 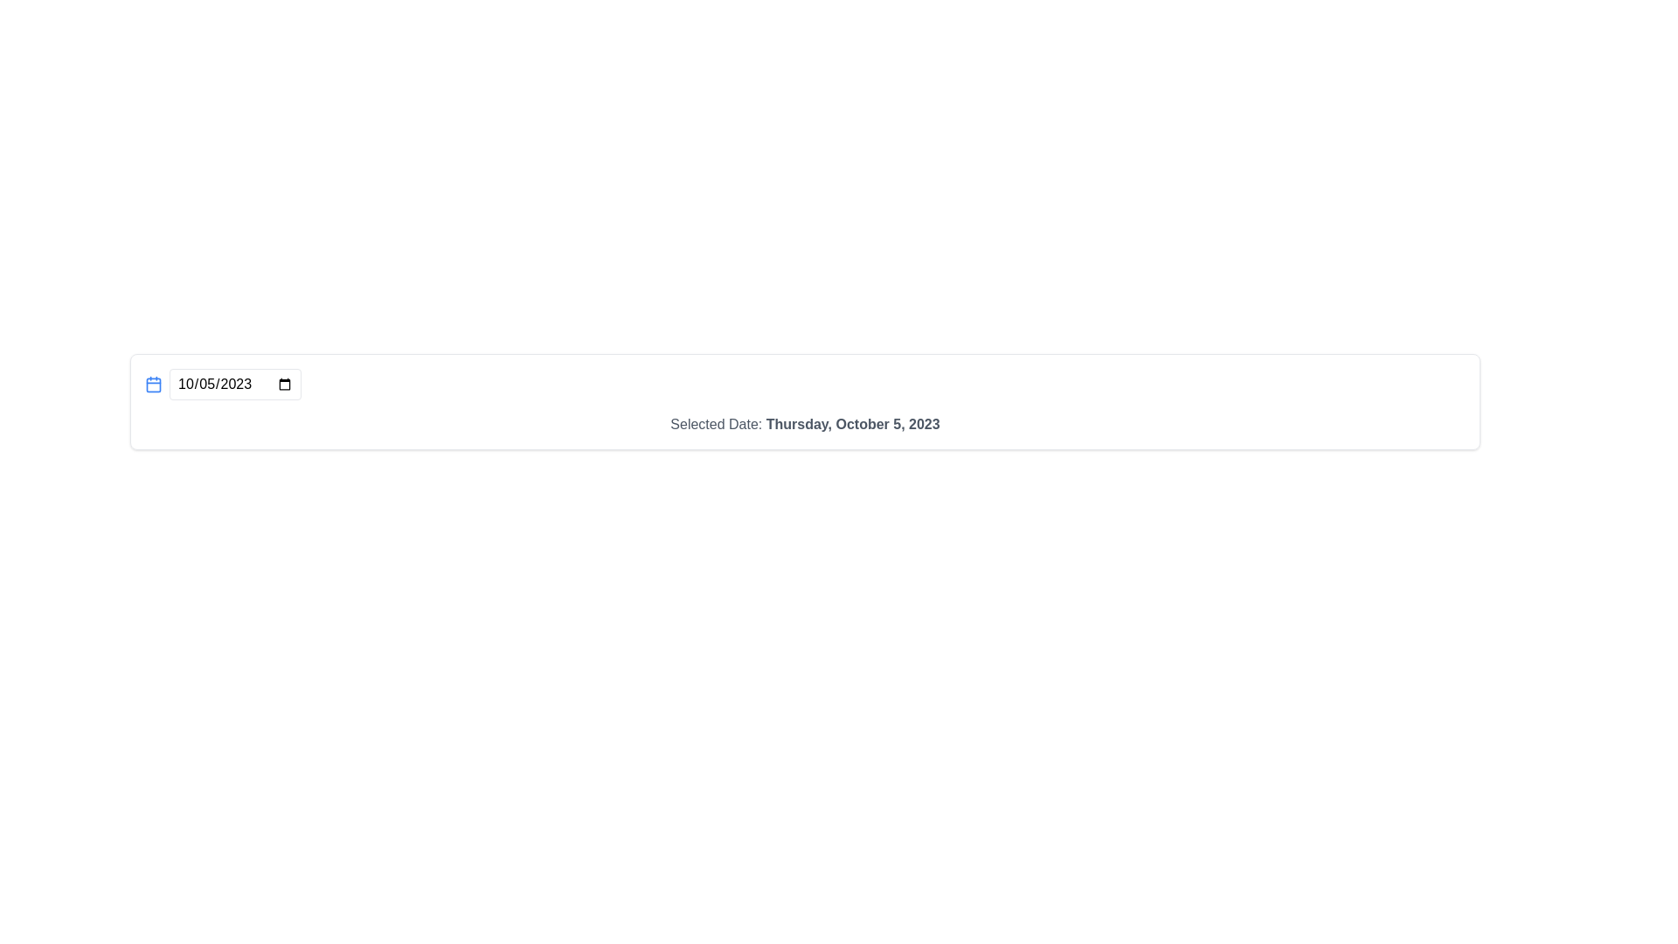 What do you see at coordinates (853, 424) in the screenshot?
I see `the bold text element displaying 'Thursday, October 5, 2023', which is part of the sentence 'Selected Date: Thursday, October 5, 2023'` at bounding box center [853, 424].